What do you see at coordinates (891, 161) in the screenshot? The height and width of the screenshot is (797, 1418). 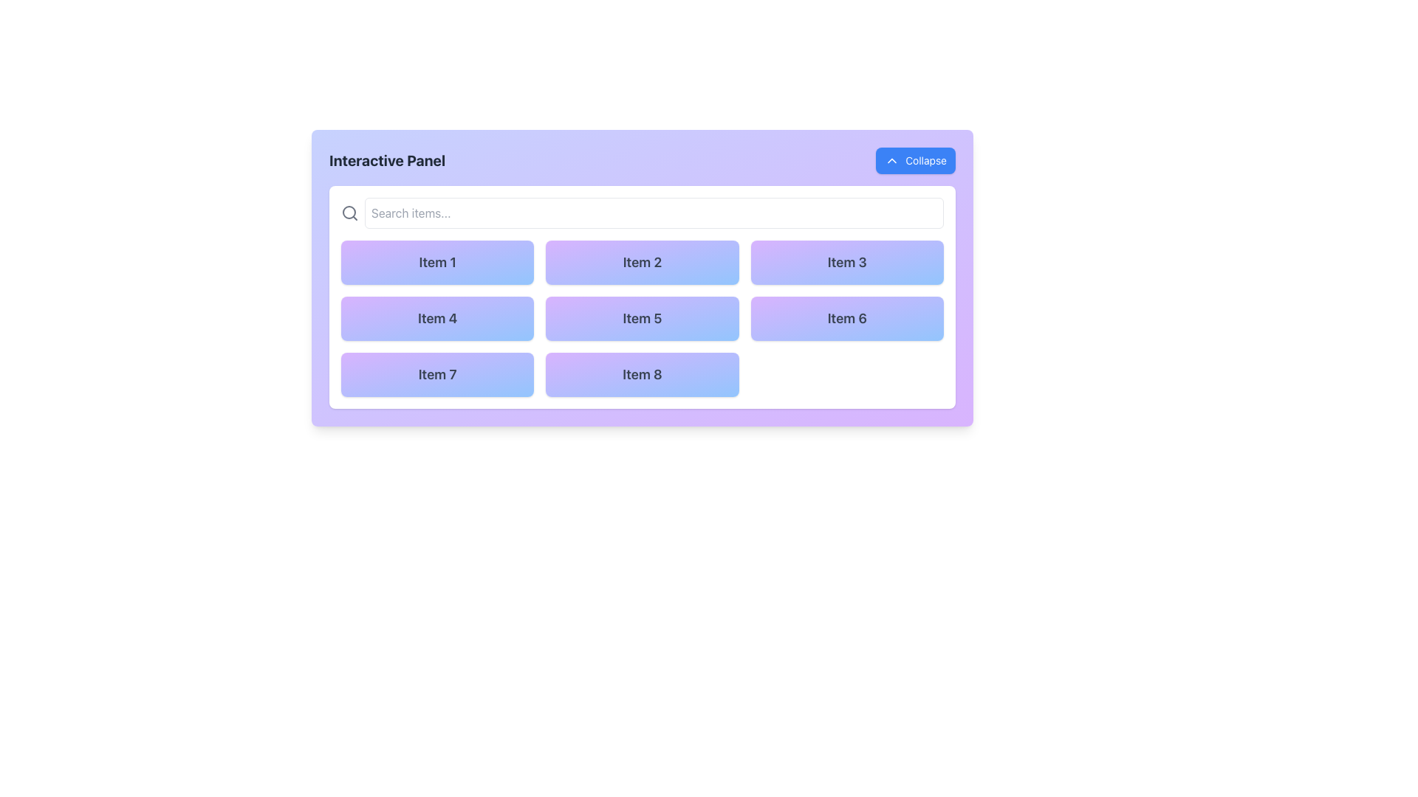 I see `the upward-facing chevron icon inside the blue 'Collapse' button in the top-right corner of the interface` at bounding box center [891, 161].